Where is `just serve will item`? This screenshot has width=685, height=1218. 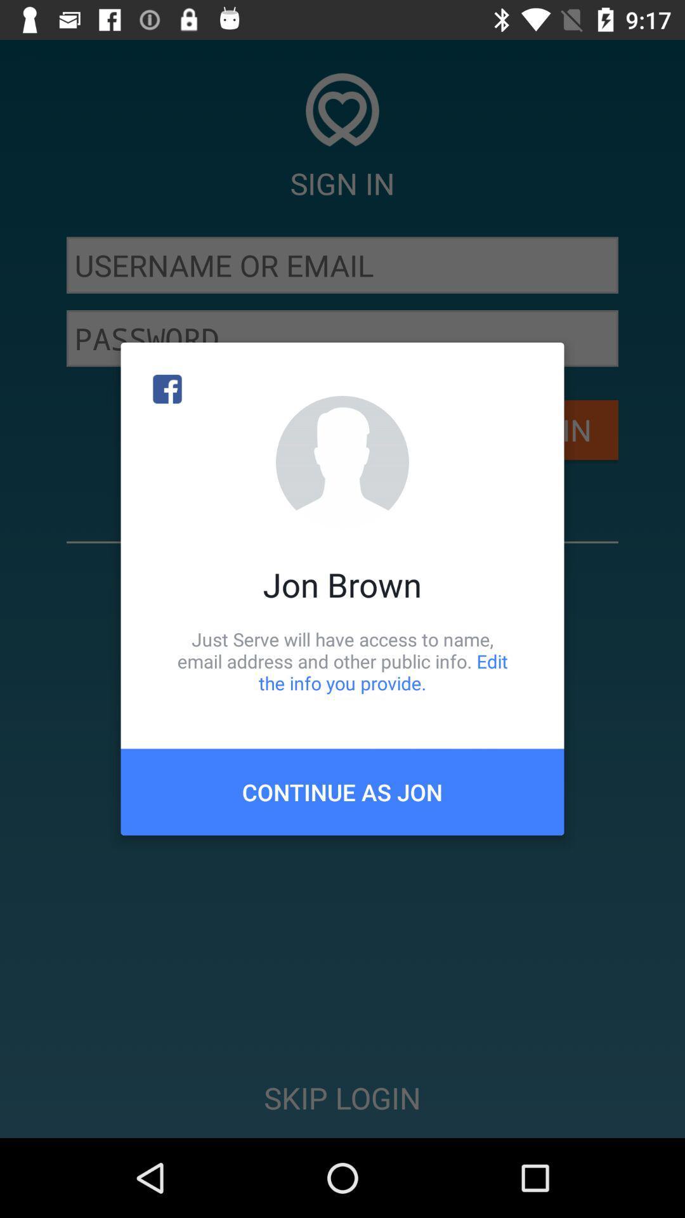 just serve will item is located at coordinates (342, 660).